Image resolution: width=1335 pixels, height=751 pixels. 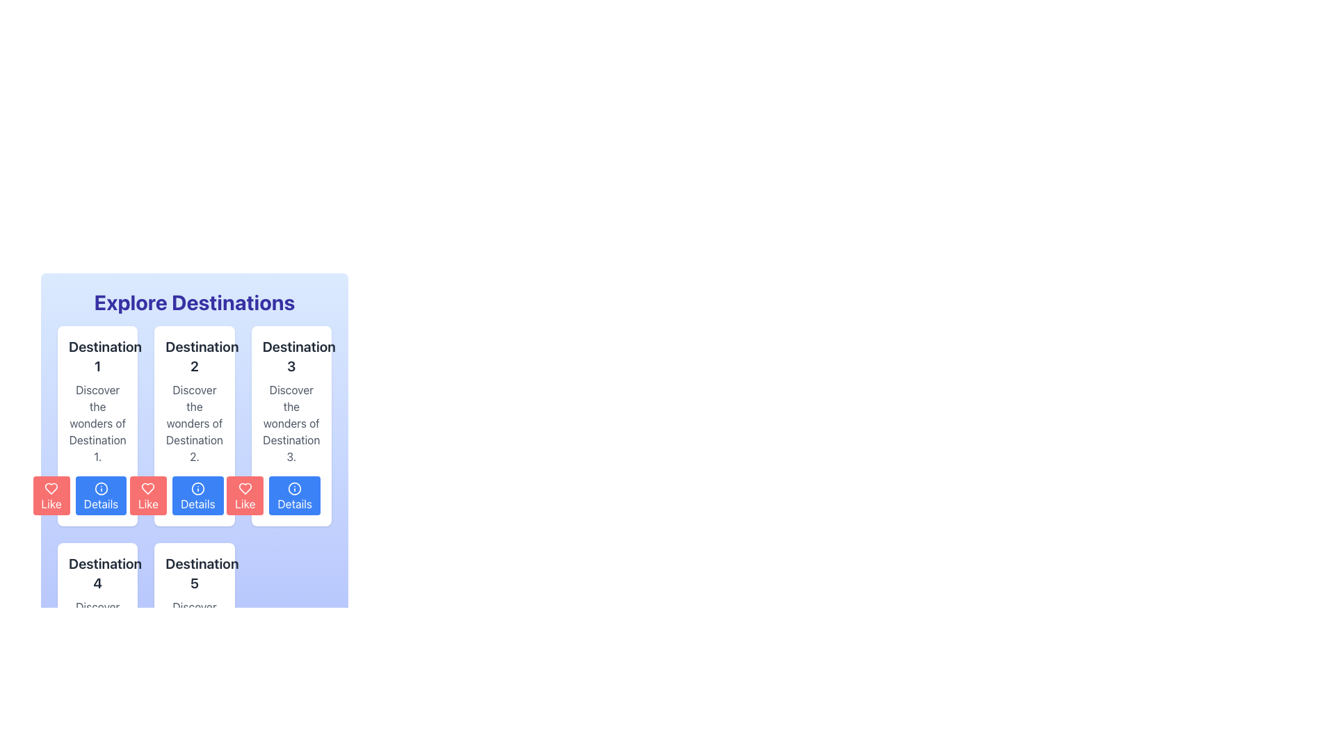 What do you see at coordinates (291, 423) in the screenshot?
I see `the text block that reads 'Discover the wonders of Destination 3.' which is located within the third card of destination cards, below the 'Destination 3' title and above the 'Like' and 'Details' buttons` at bounding box center [291, 423].